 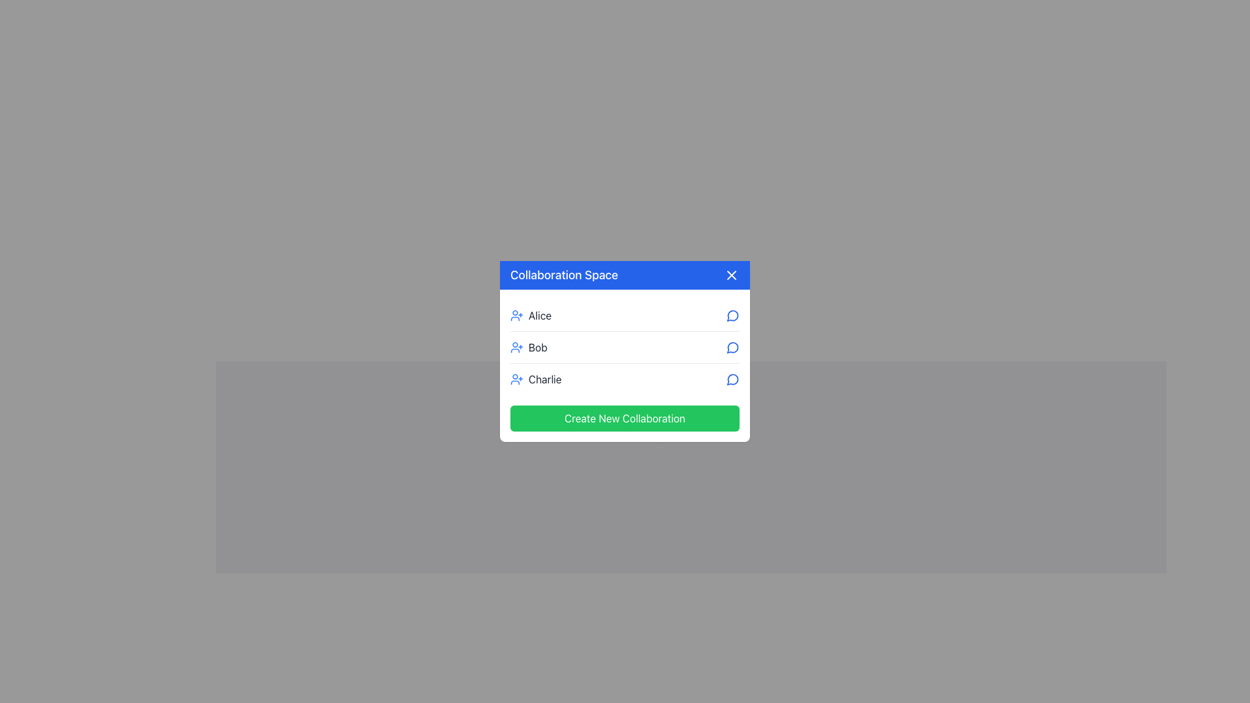 I want to click on the 'Collaboration Space' static text, which is styled in large bold white font on a blue background, located in the header section of a modal-like structure, so click(x=564, y=275).